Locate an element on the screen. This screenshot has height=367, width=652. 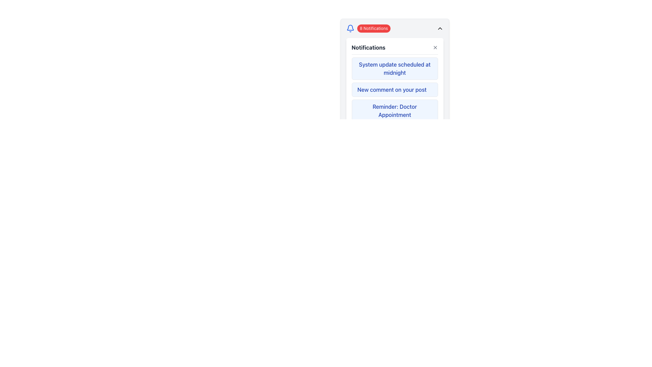
the notification message indicating a new comment on the user's post, positioned centrally in the notification panel, specifically the second notification item in the list is located at coordinates (392, 89).